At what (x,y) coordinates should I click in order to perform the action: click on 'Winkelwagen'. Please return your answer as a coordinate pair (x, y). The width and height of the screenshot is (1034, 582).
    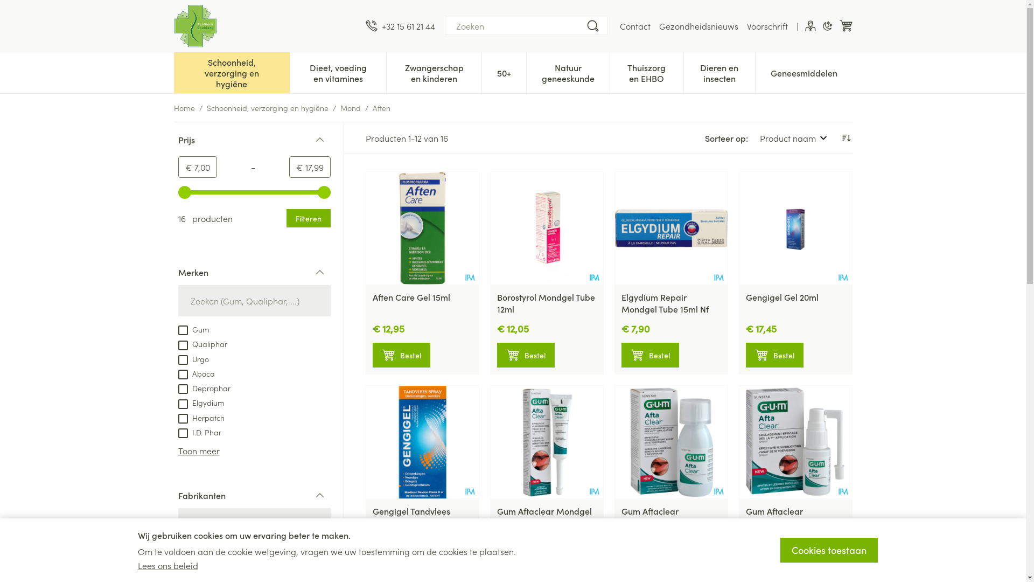
    Looking at the image, I should click on (844, 25).